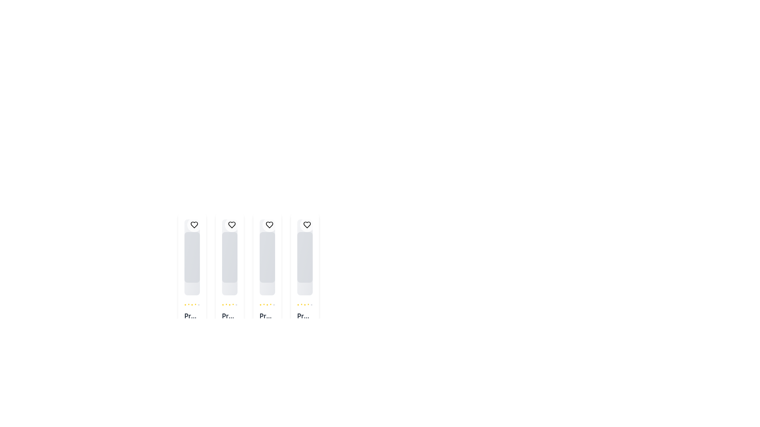 The height and width of the screenshot is (427, 760). I want to click on the favorite icon button located at the top-right area of the product card, so click(194, 225).